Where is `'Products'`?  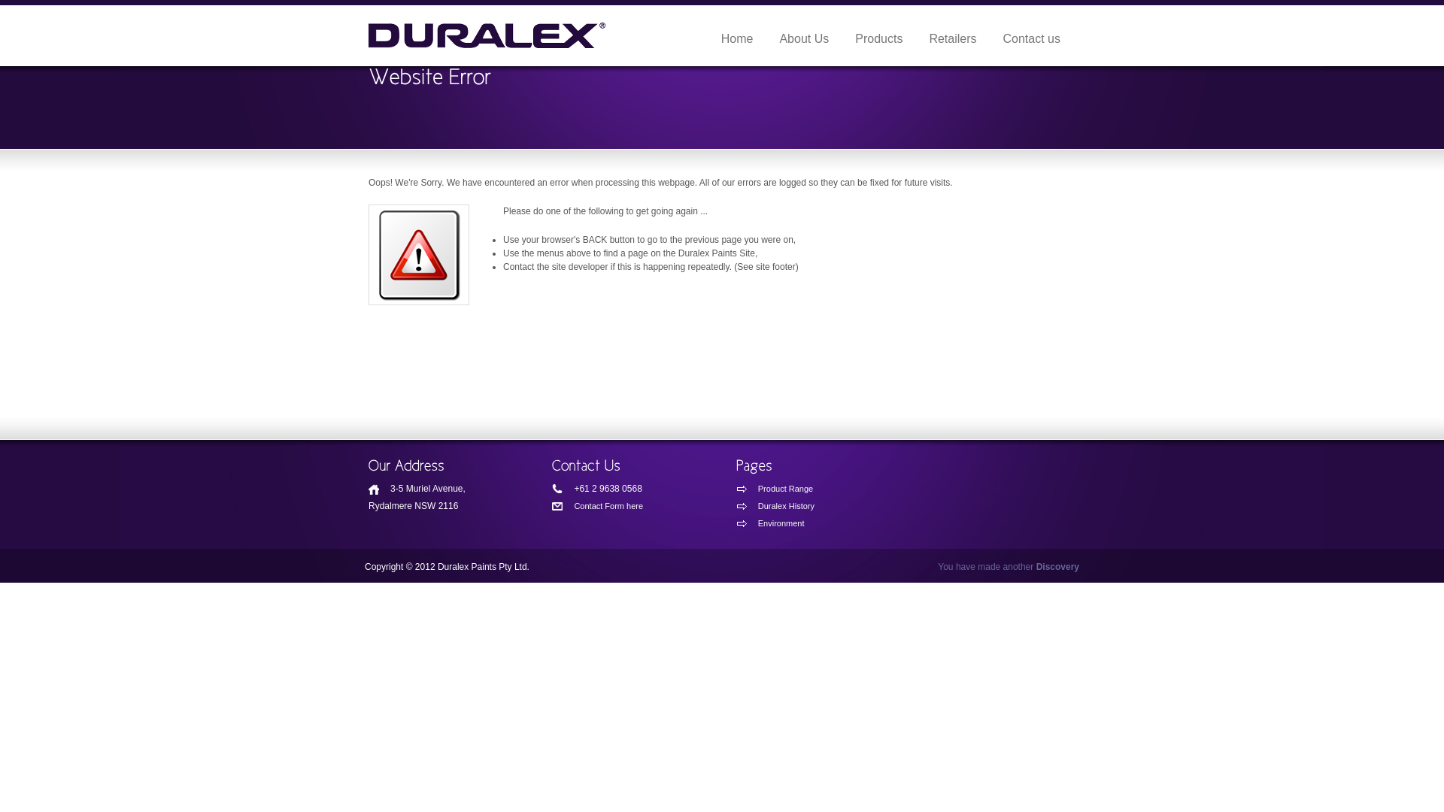 'Products' is located at coordinates (878, 38).